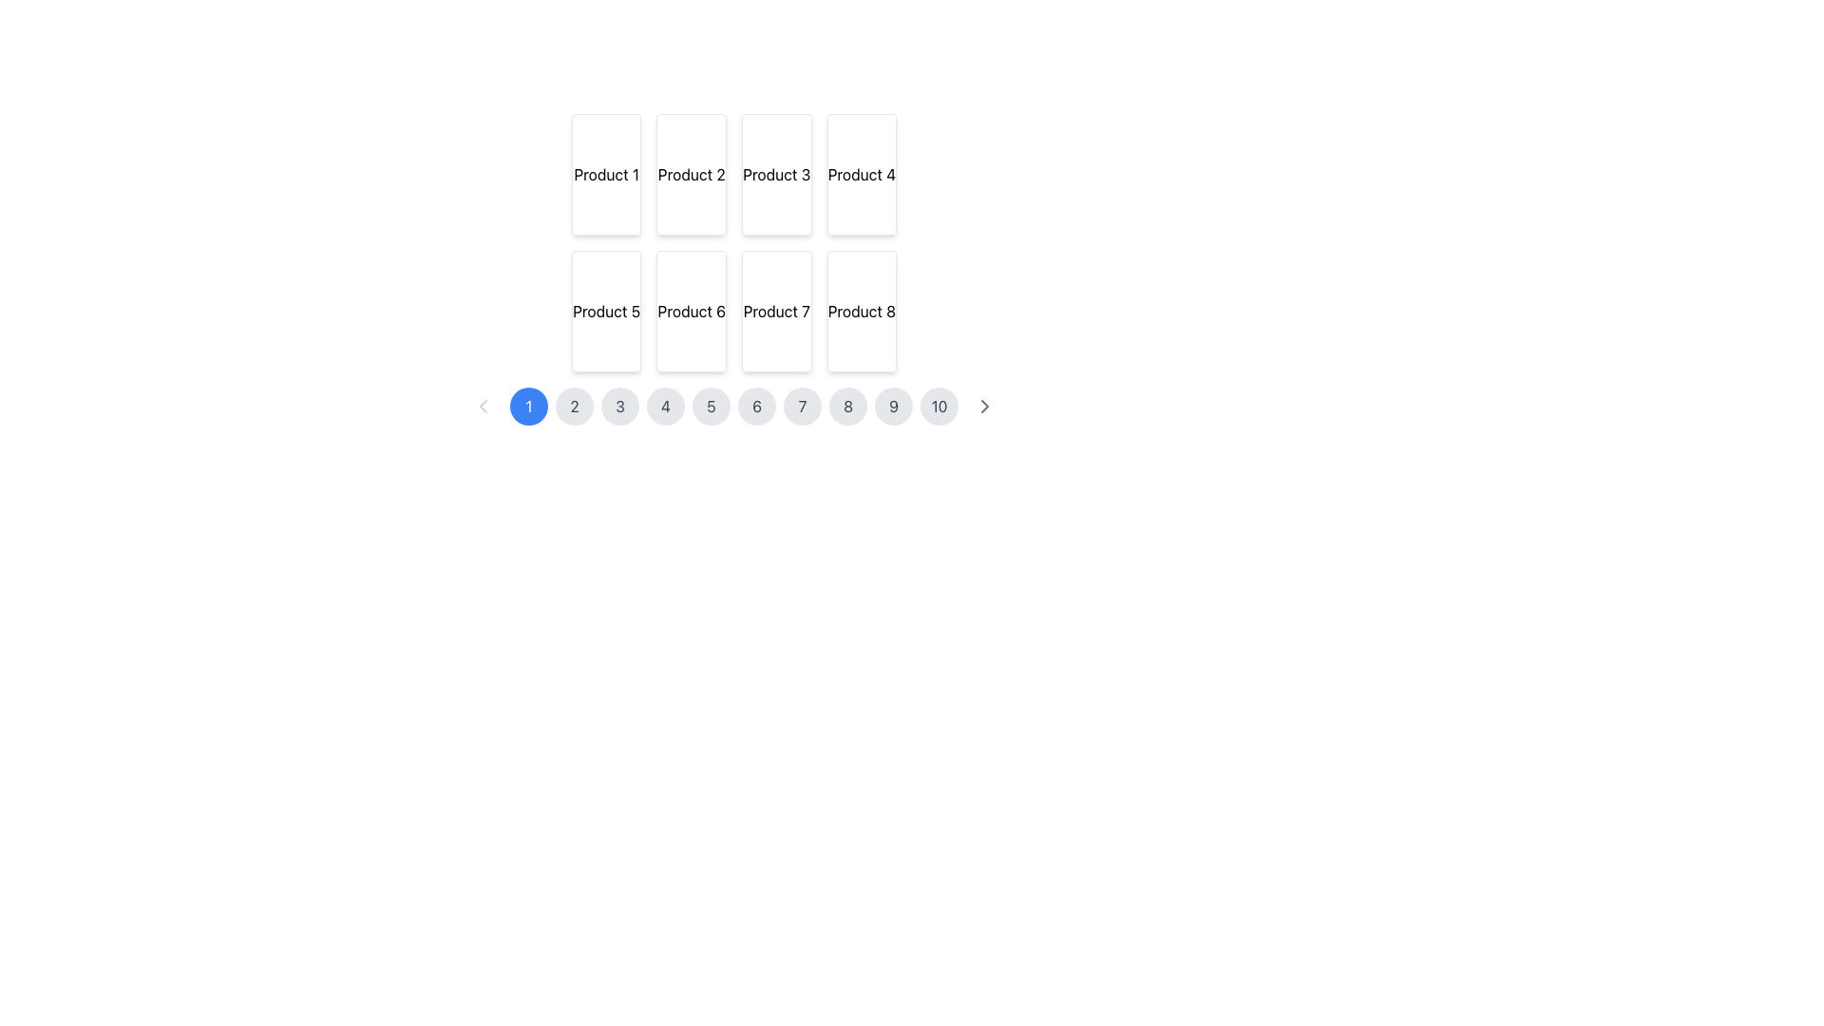 The width and height of the screenshot is (1824, 1026). Describe the element at coordinates (691, 175) in the screenshot. I see `the static presentation block displaying 'Product 2', positioned as the second item in the first row of a 4-column grid layout` at that location.